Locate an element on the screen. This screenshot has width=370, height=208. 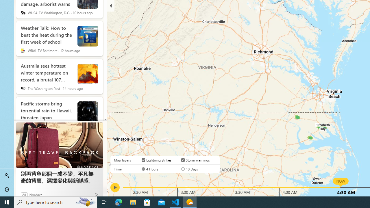
'Microsoft Store' is located at coordinates (147, 202).